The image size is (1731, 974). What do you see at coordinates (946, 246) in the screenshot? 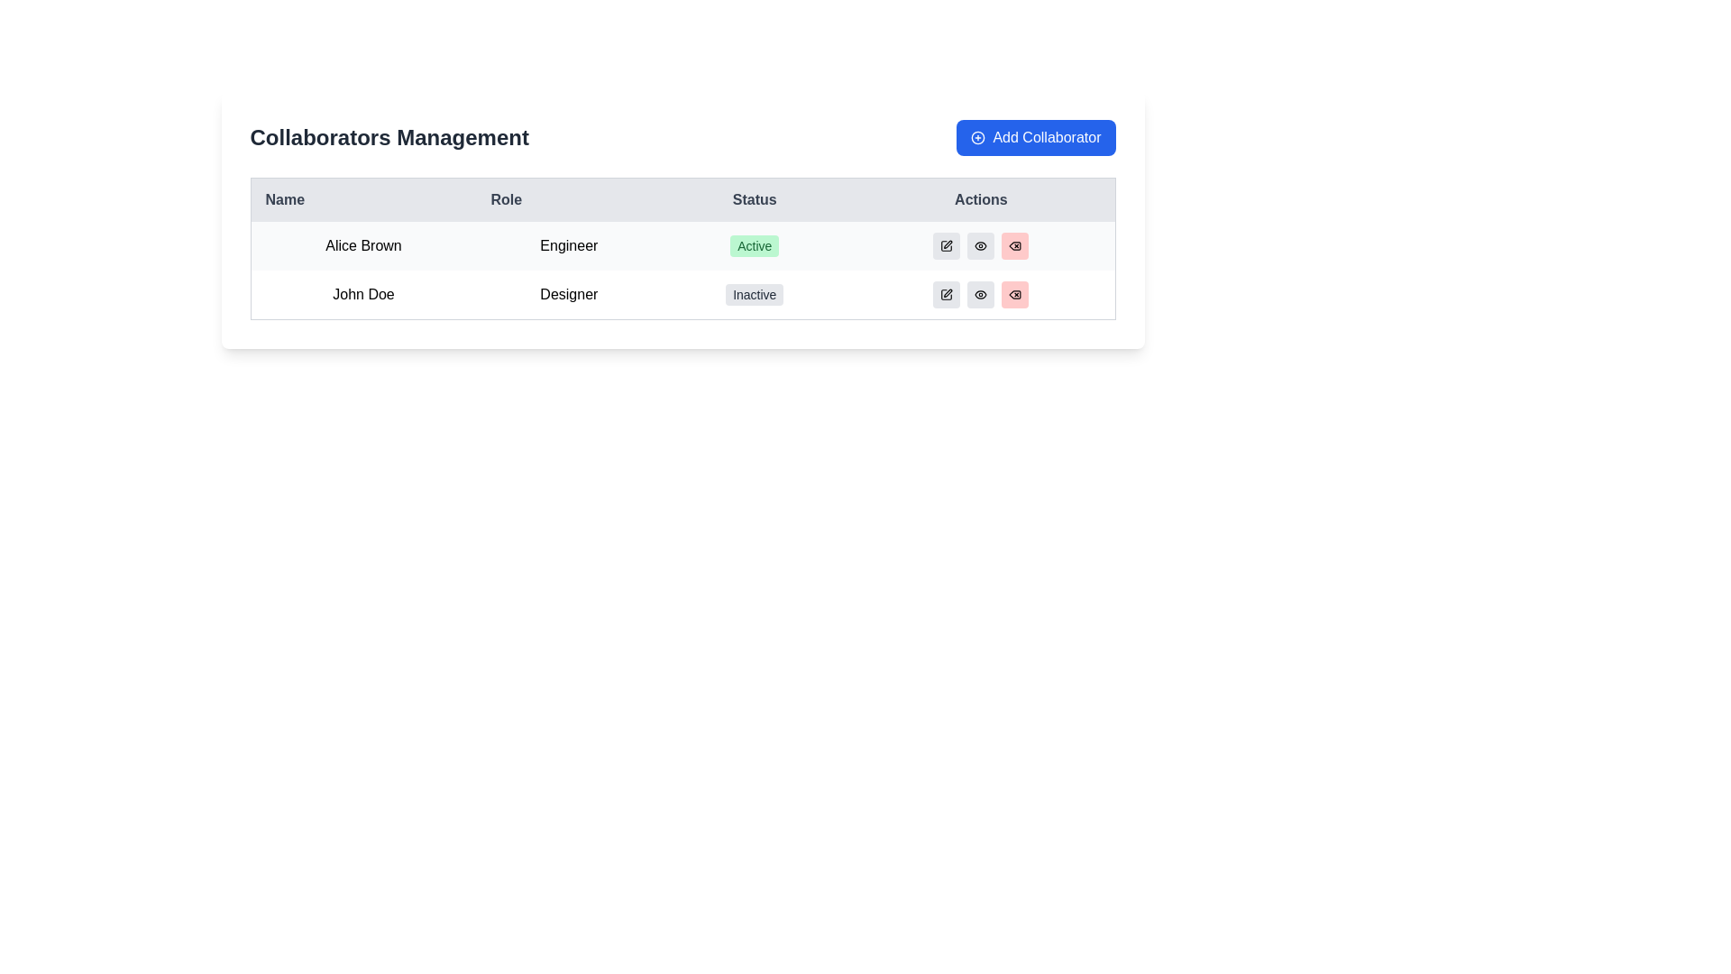
I see `the edit button (pencil icon) in the Actions column for 'Alice Brown'` at bounding box center [946, 246].